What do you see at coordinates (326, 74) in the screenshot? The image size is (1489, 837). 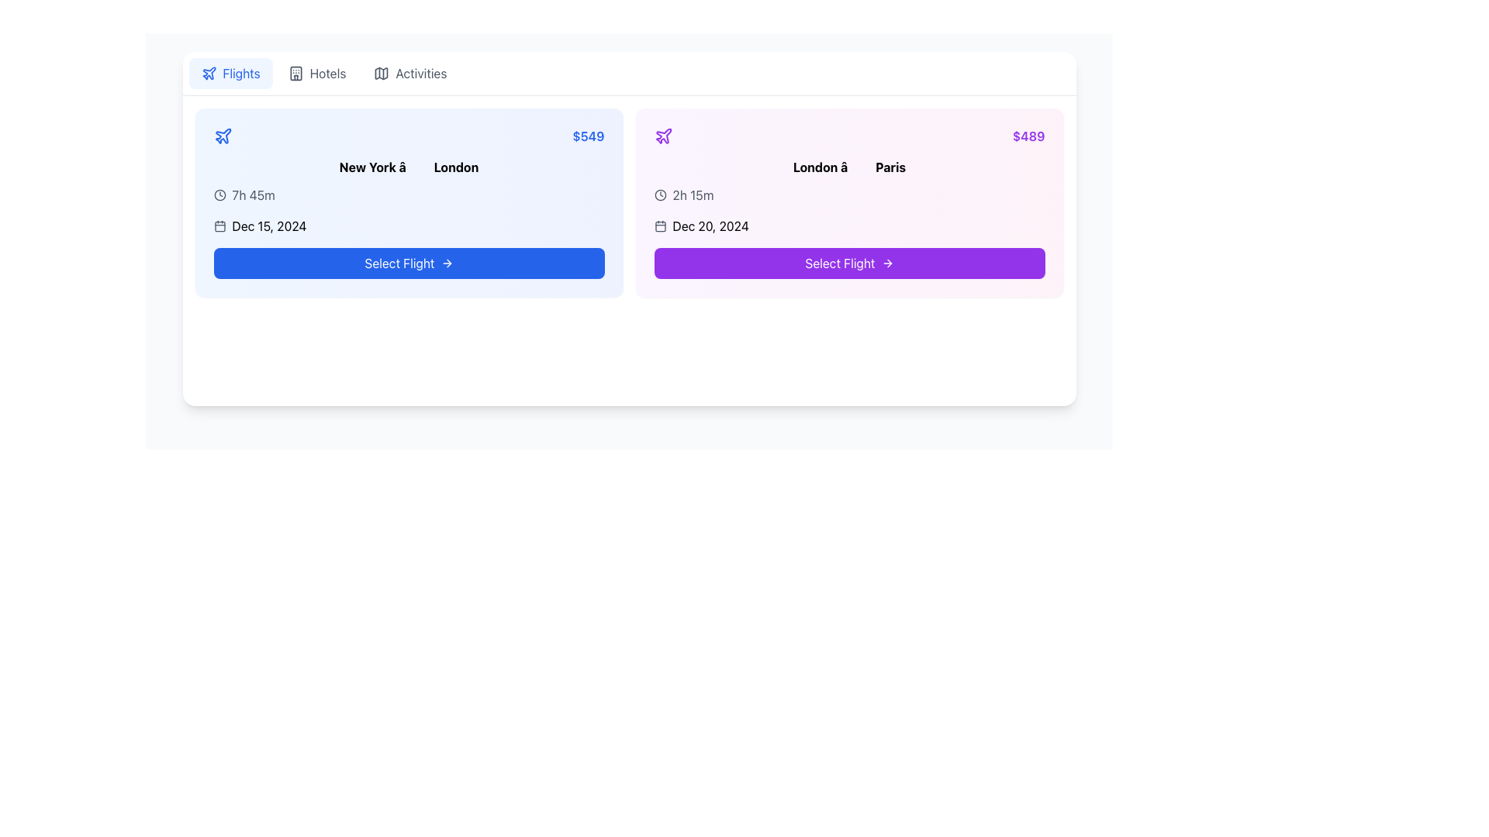 I see `the Text label in the horizontal navigation menu, which is the second option` at bounding box center [326, 74].